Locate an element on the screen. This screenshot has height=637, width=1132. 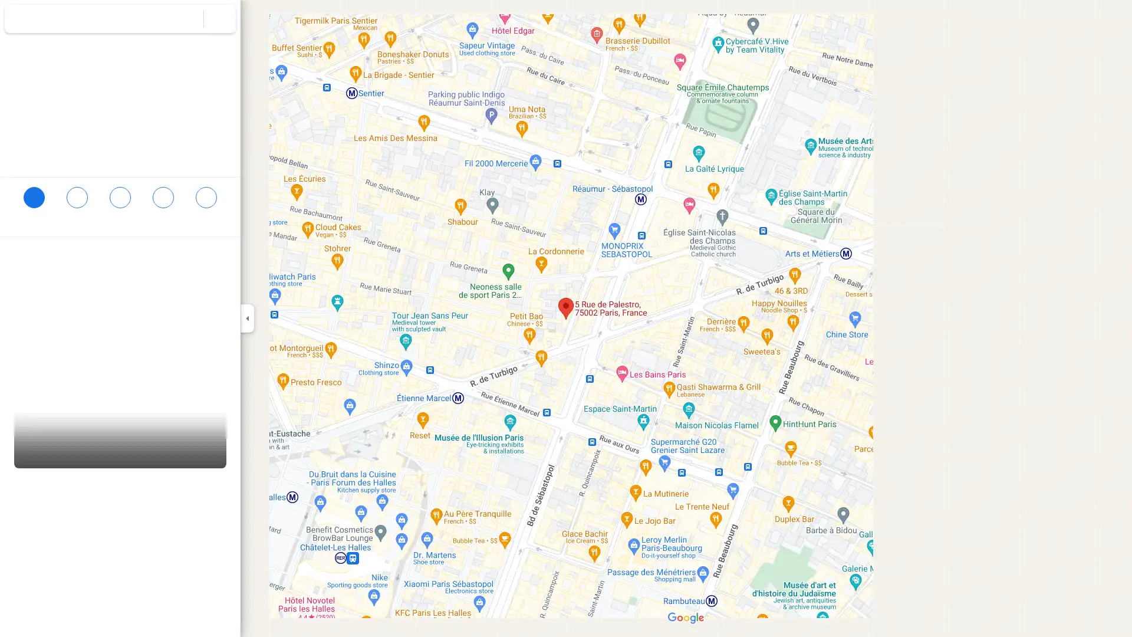
Save 5 Rue de Palestro in your lists is located at coordinates (76, 202).